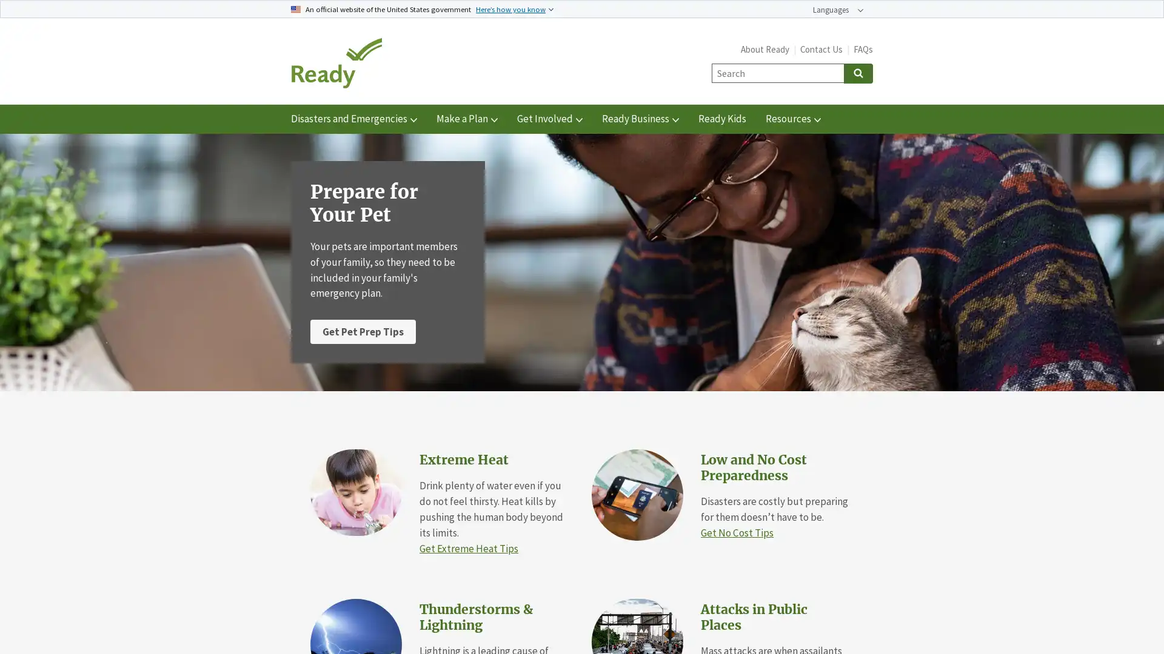 This screenshot has width=1164, height=654. What do you see at coordinates (640, 119) in the screenshot?
I see `Ready Business` at bounding box center [640, 119].